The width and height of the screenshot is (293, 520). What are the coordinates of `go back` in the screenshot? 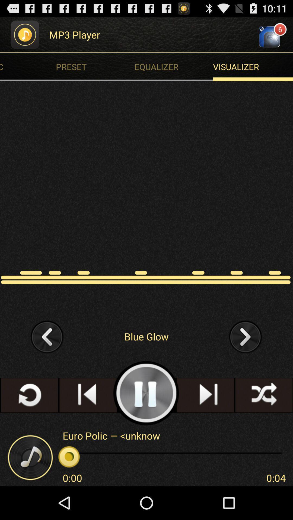 It's located at (47, 336).